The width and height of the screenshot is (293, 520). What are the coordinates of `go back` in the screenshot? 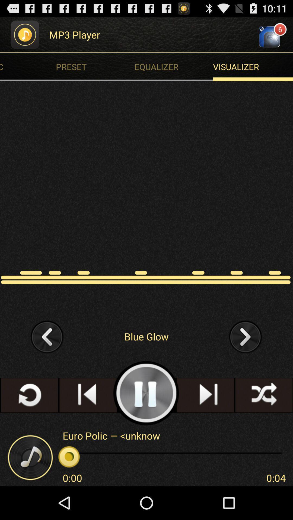 It's located at (47, 336).